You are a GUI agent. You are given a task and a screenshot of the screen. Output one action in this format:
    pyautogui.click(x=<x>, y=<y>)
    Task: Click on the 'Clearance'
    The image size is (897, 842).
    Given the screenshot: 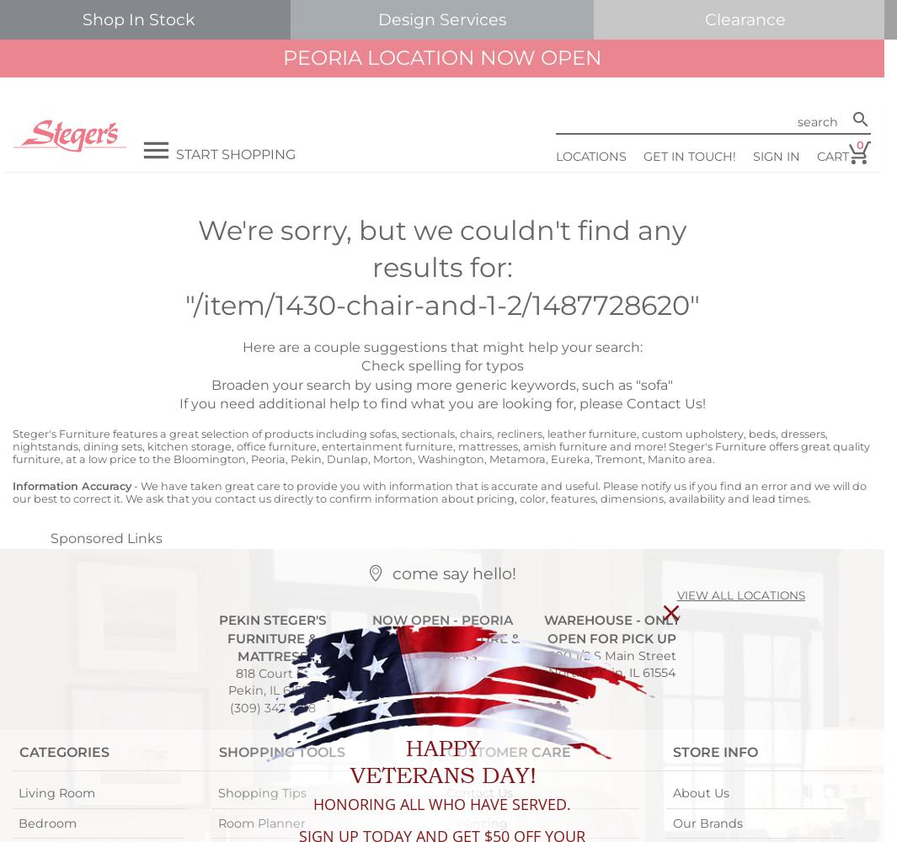 What is the action you would take?
    pyautogui.click(x=704, y=19)
    